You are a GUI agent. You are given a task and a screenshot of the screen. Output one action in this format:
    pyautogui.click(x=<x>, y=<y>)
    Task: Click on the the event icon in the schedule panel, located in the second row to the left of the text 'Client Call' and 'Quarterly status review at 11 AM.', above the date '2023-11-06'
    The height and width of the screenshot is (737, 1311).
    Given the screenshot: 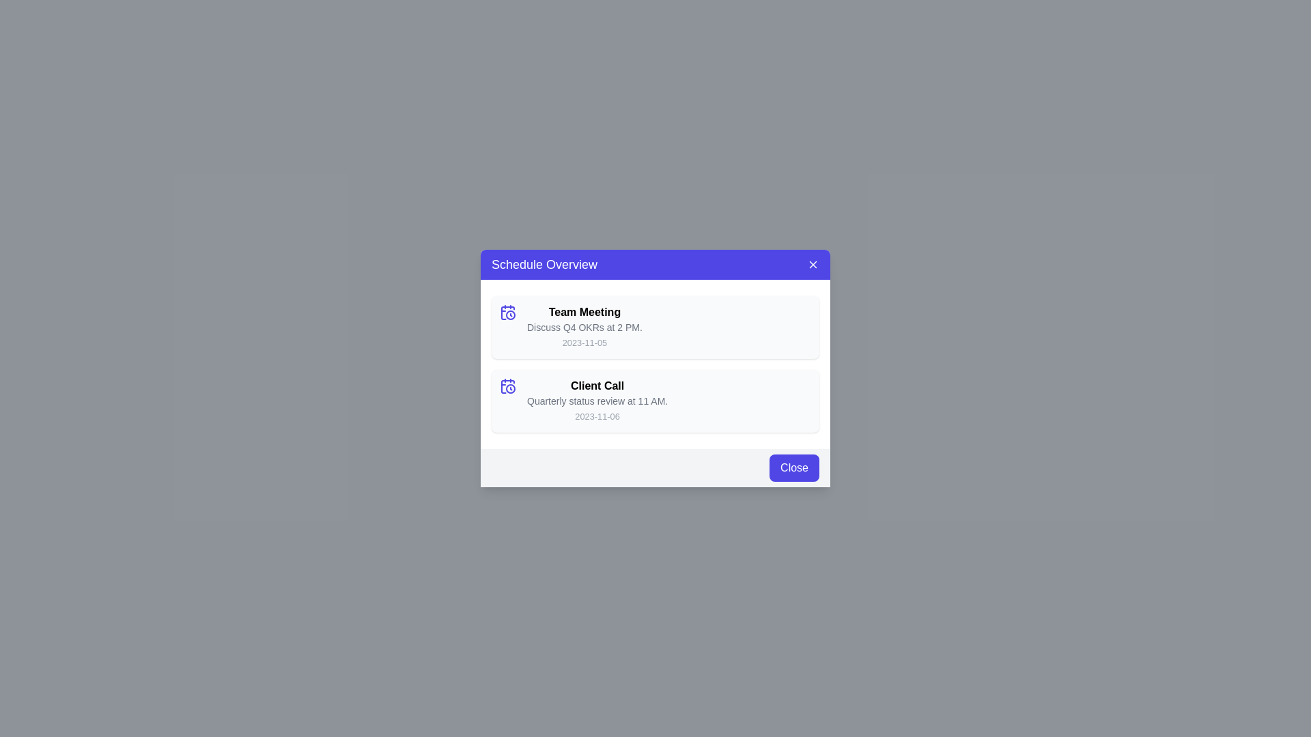 What is the action you would take?
    pyautogui.click(x=507, y=386)
    